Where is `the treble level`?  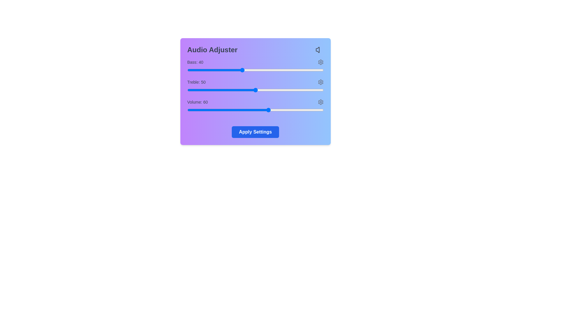 the treble level is located at coordinates (239, 90).